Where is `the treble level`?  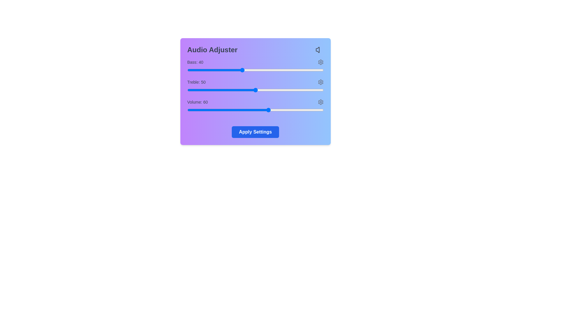 the treble level is located at coordinates (239, 90).